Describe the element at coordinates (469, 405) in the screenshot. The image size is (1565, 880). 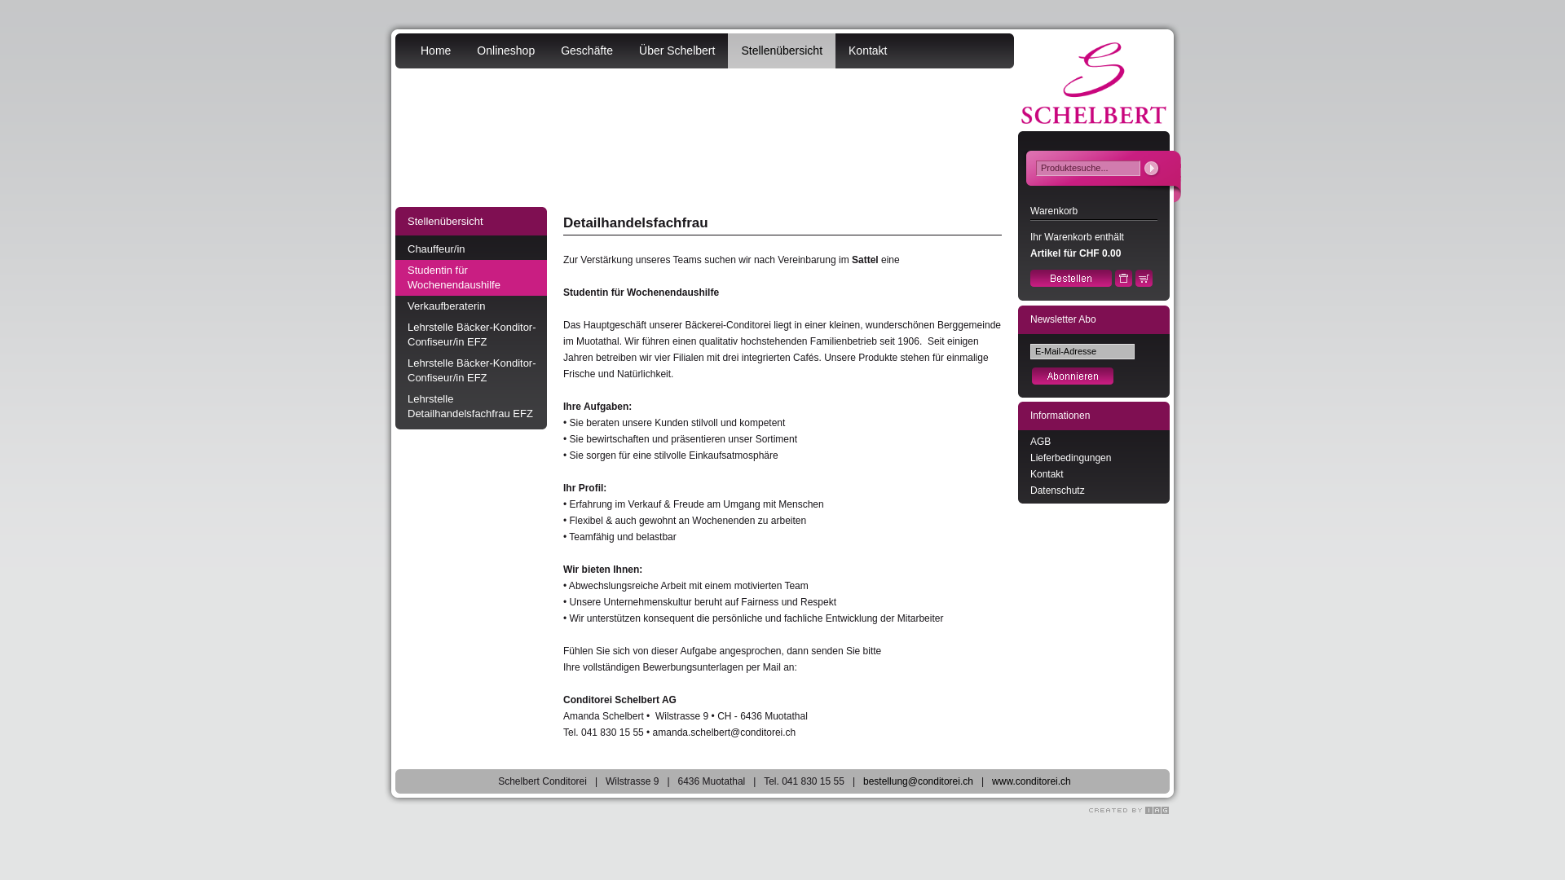
I see `'Lehrstelle Detailhandelsfachfrau EFZ'` at that location.